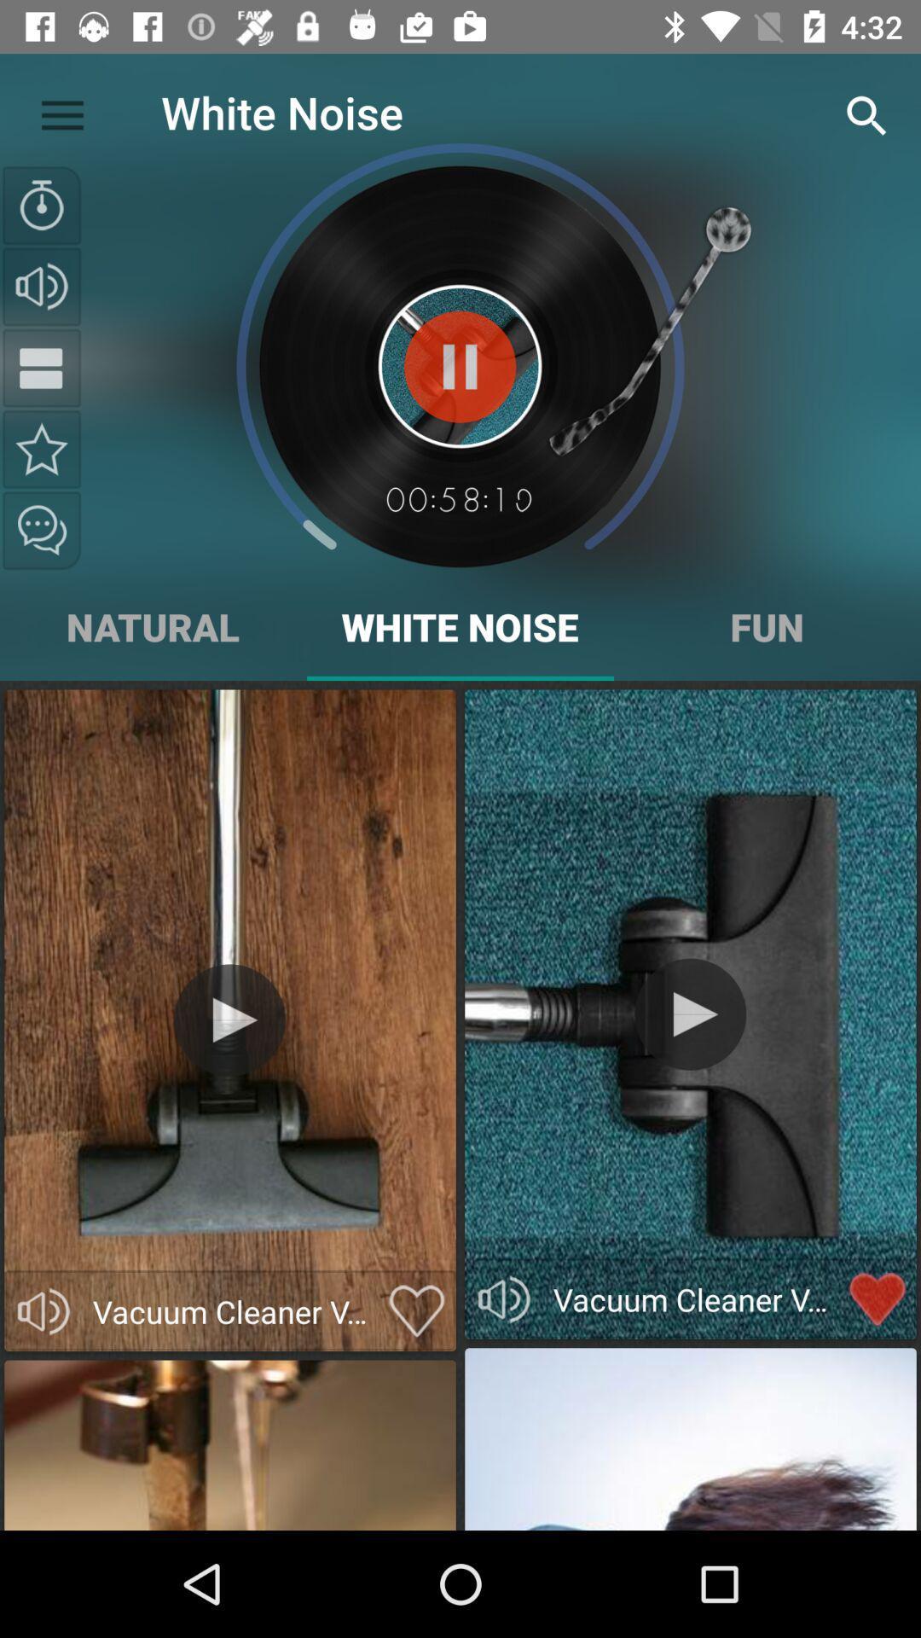  I want to click on turn sound on/off, so click(503, 1298).